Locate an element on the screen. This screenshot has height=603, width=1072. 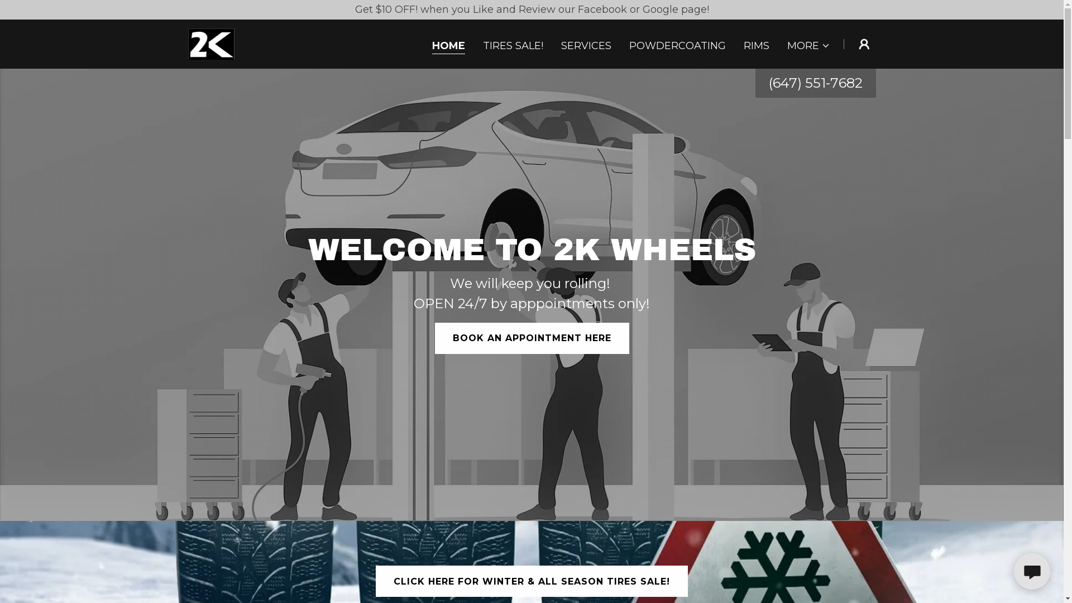
'HOME' is located at coordinates (431, 46).